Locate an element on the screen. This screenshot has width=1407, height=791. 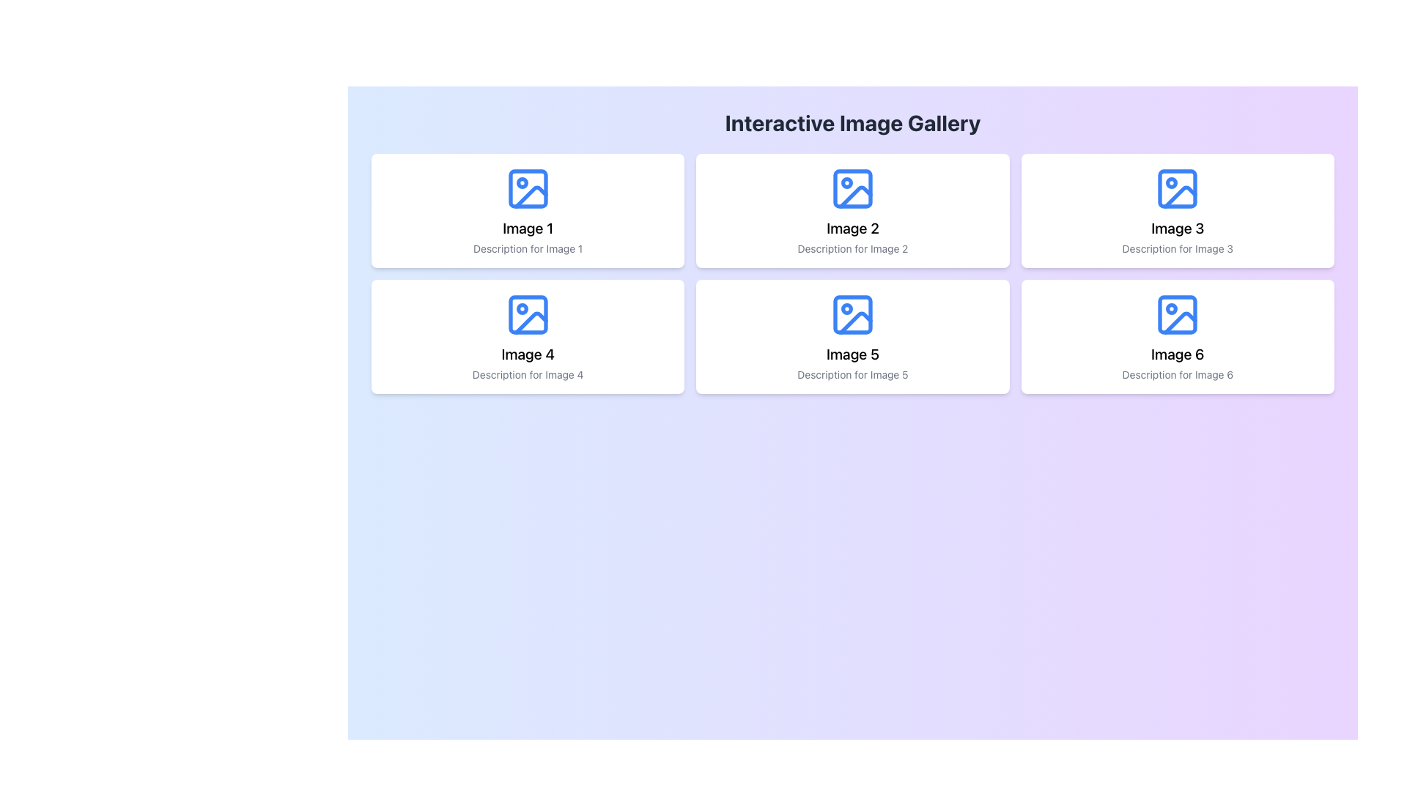
the Card representing 'Image 4', located in the second row and first column of the grid layout, which serves as a clickable element for additional details is located at coordinates (528, 336).